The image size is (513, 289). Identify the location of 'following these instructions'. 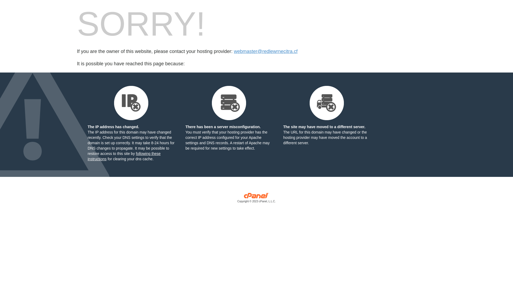
(124, 156).